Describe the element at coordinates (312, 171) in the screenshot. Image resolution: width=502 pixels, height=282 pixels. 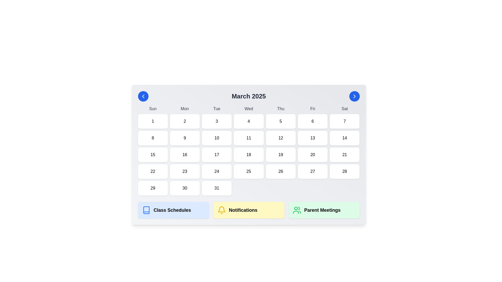
I see `the button displaying the number '27' located in the sixth column and fifth row of the calendar grid to trigger visual feedback` at that location.